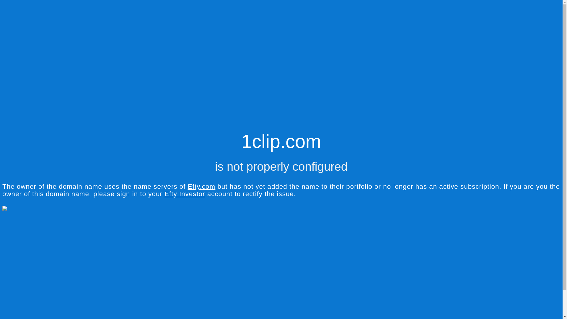  What do you see at coordinates (201, 186) in the screenshot?
I see `'Efty.com'` at bounding box center [201, 186].